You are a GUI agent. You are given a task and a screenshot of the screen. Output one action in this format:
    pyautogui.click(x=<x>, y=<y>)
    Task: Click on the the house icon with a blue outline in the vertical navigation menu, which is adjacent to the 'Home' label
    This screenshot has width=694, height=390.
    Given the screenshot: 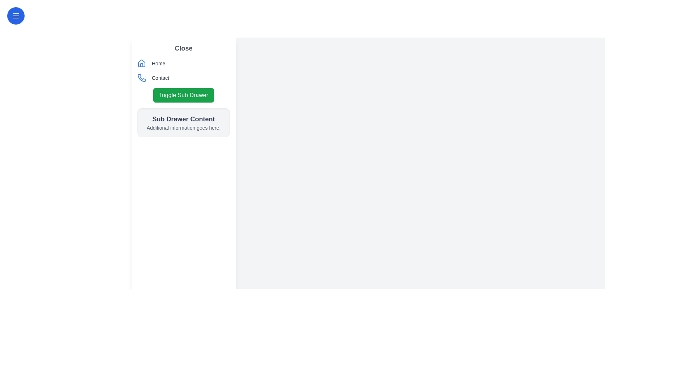 What is the action you would take?
    pyautogui.click(x=142, y=63)
    